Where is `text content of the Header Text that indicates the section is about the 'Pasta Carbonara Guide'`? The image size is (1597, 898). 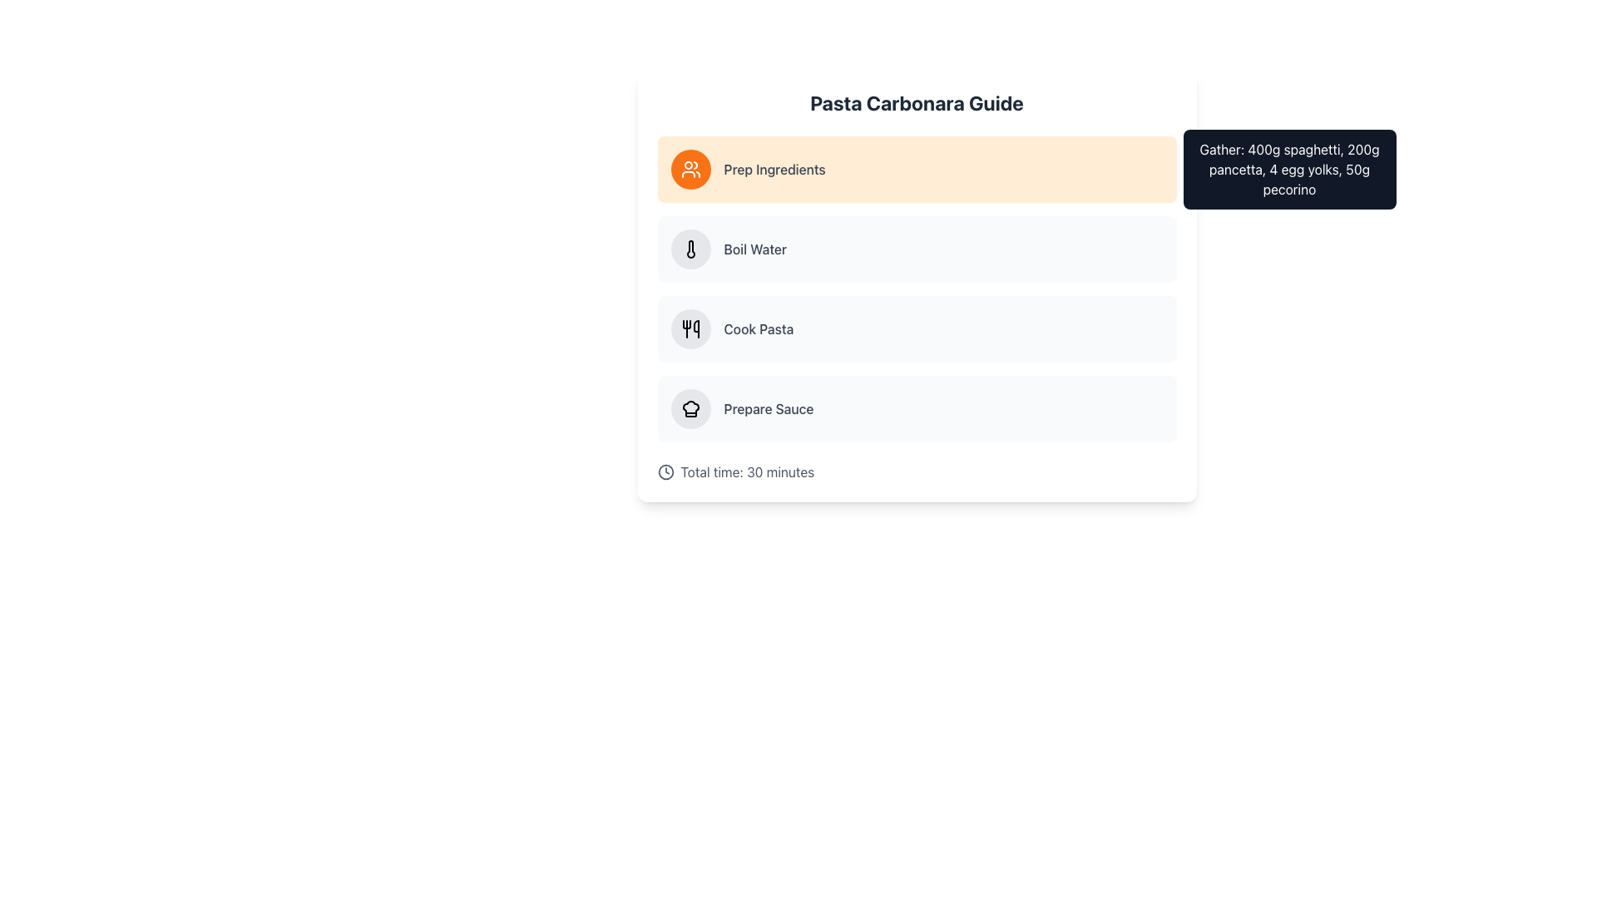
text content of the Header Text that indicates the section is about the 'Pasta Carbonara Guide' is located at coordinates (916, 102).